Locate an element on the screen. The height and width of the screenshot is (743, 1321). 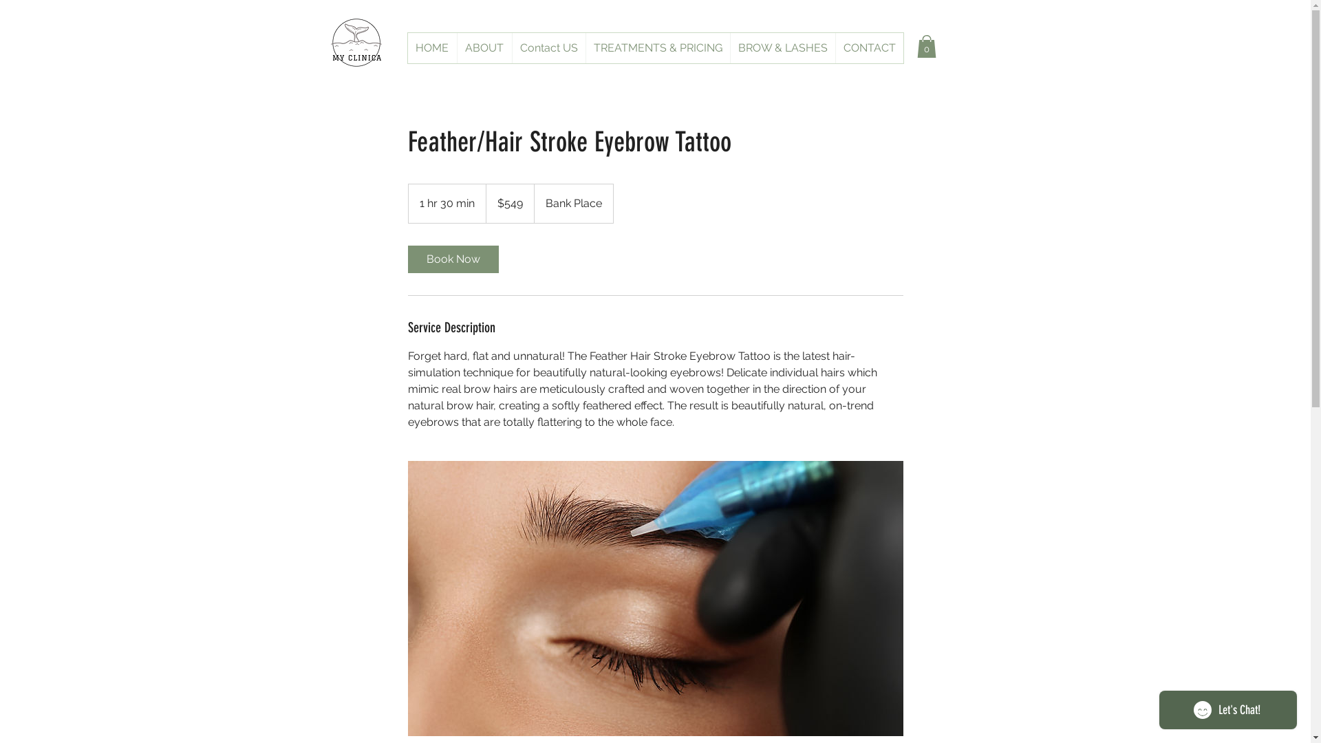
'CONTACT' is located at coordinates (868, 47).